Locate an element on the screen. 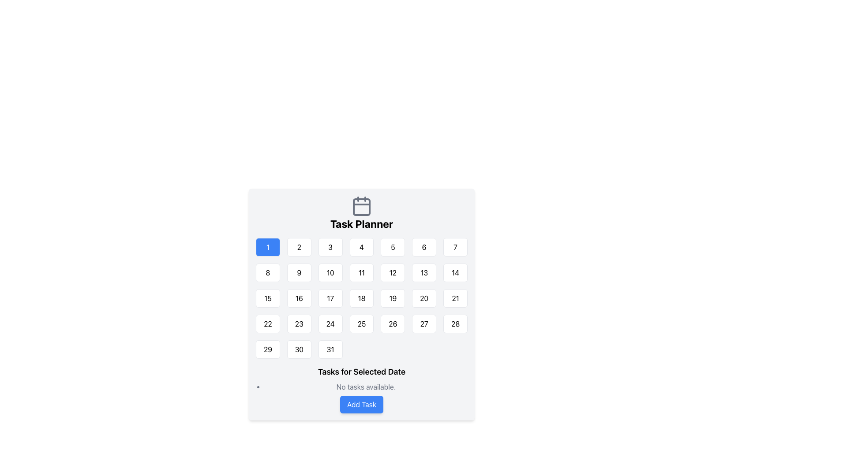 The width and height of the screenshot is (847, 476). the button displaying the number '4' is located at coordinates (362, 247).